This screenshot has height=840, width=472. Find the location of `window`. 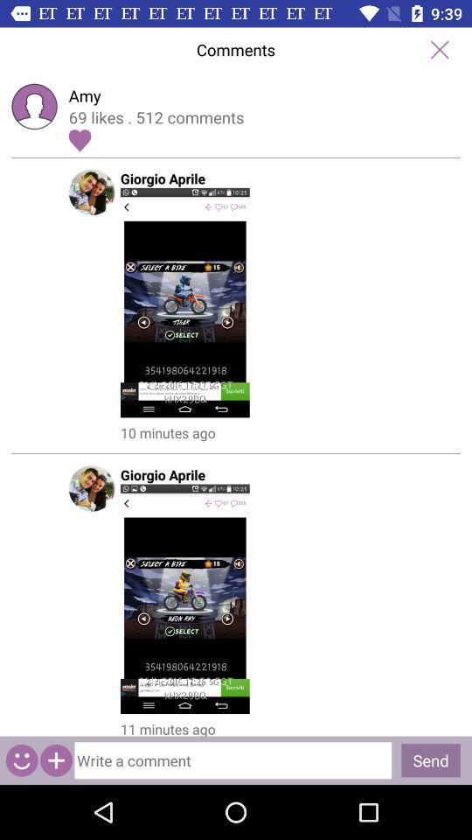

window is located at coordinates (439, 49).